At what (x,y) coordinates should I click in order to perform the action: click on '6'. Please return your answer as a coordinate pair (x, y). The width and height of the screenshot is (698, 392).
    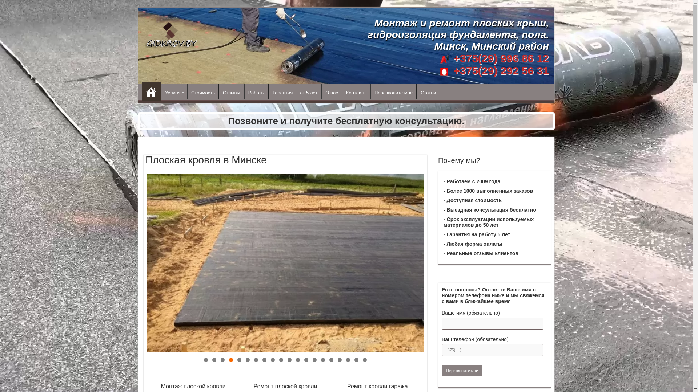
    Looking at the image, I should click on (248, 360).